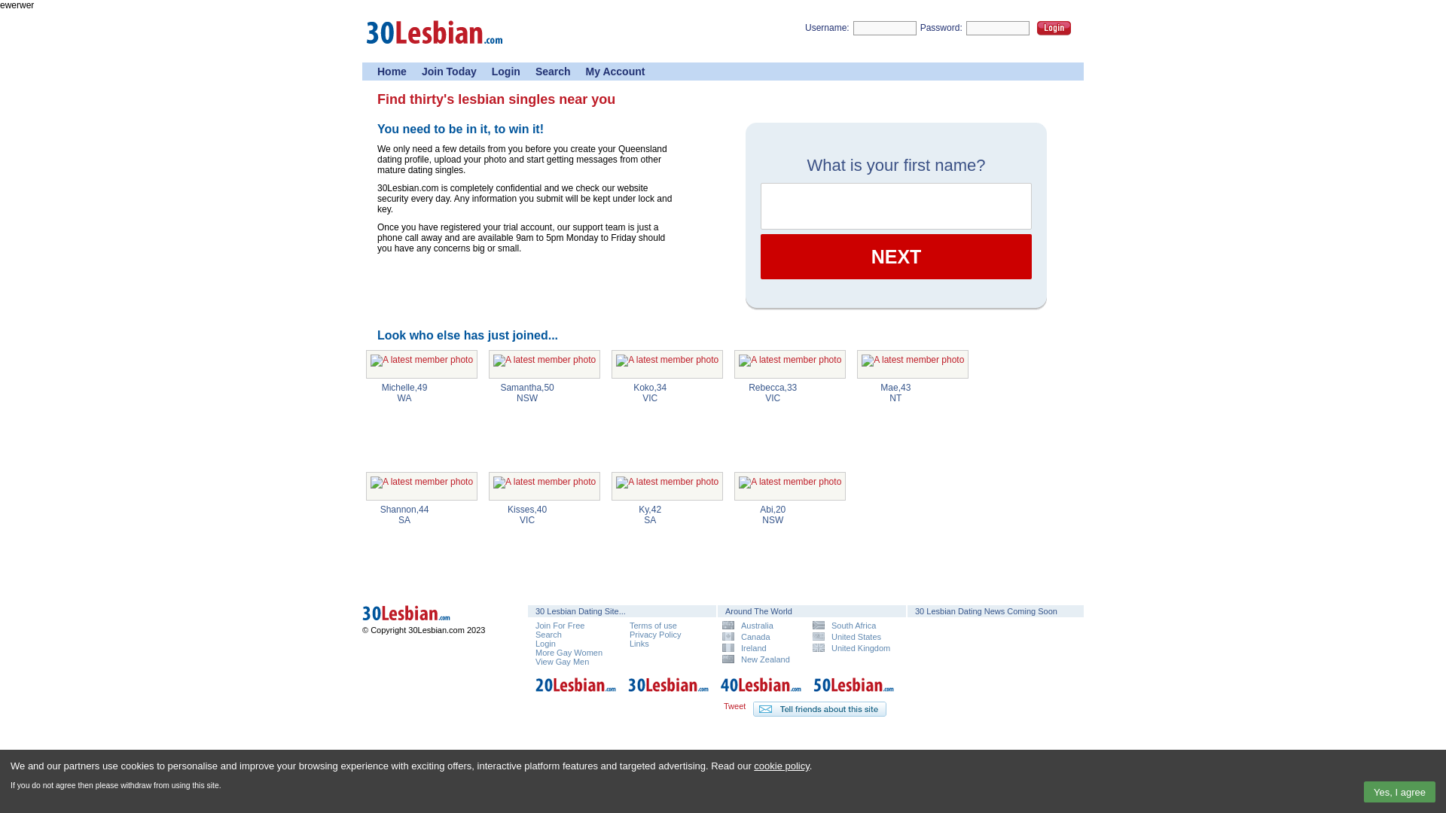 This screenshot has width=1446, height=813. Describe the element at coordinates (422, 364) in the screenshot. I see `'Michelle, 49 from Perth St Georges Tce, WA'` at that location.